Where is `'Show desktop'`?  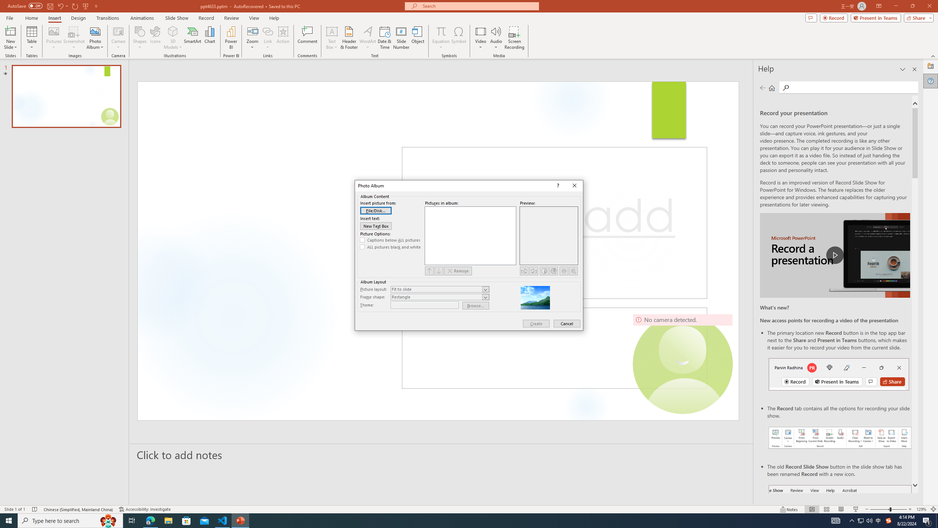 'Show desktop' is located at coordinates (937, 520).